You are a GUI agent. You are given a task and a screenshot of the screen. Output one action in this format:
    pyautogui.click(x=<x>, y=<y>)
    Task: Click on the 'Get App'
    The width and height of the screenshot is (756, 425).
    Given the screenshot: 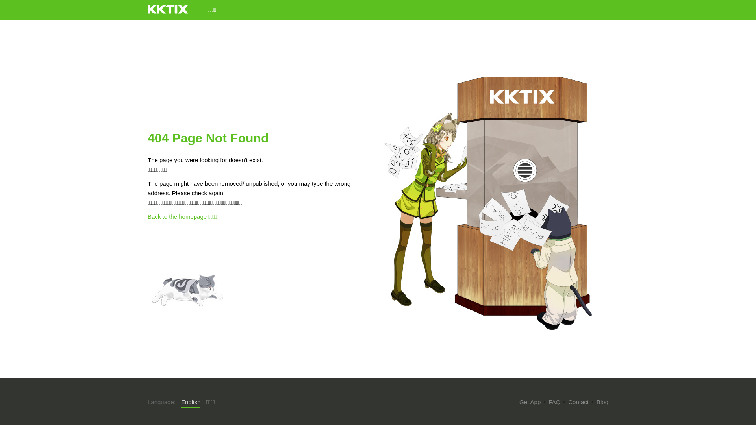 What is the action you would take?
    pyautogui.click(x=519, y=402)
    